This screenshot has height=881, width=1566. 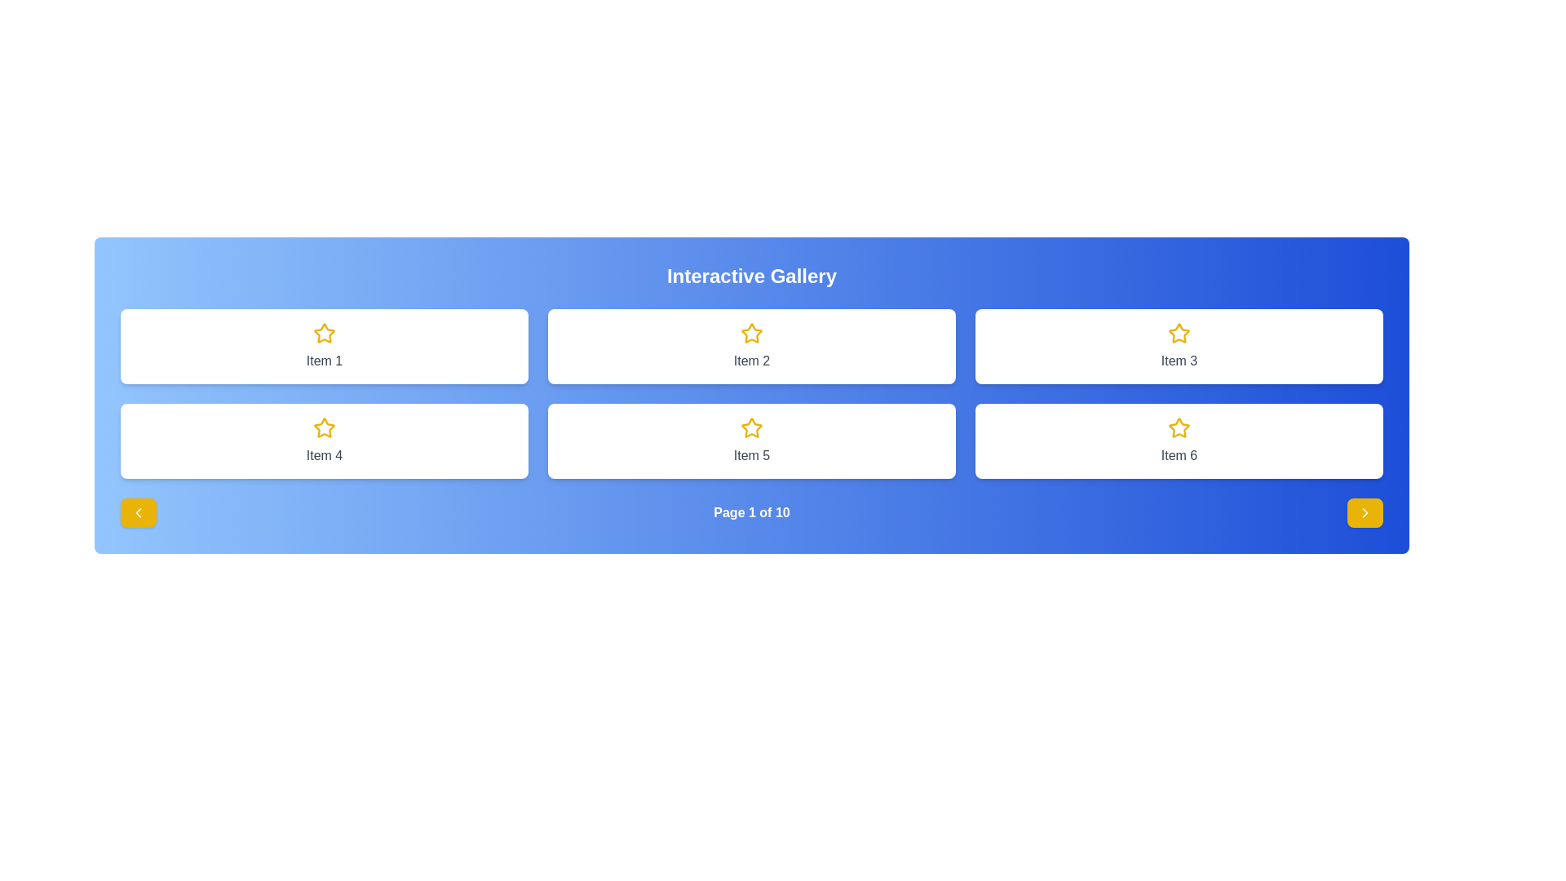 What do you see at coordinates (1179, 427) in the screenshot?
I see `the star icon with a yellow outline located next to 'Item 6' in the bottom-right corner of the grid layout` at bounding box center [1179, 427].